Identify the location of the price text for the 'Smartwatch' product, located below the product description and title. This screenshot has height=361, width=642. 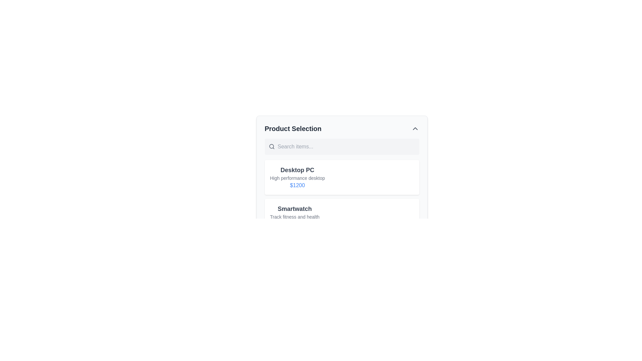
(294, 224).